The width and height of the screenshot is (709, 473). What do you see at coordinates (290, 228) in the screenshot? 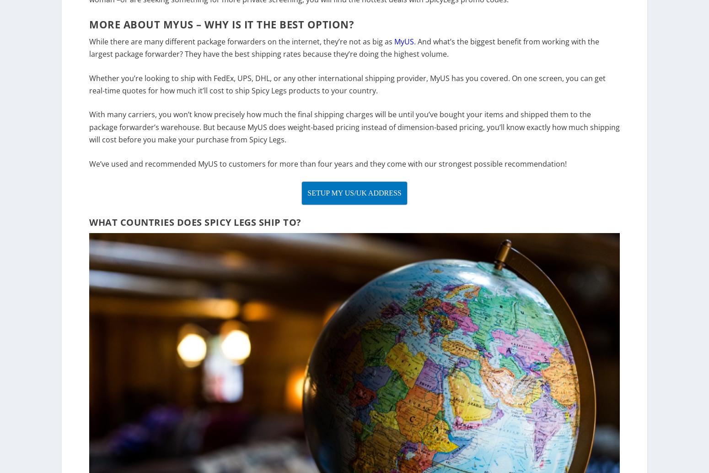
I see `'To?'` at bounding box center [290, 228].